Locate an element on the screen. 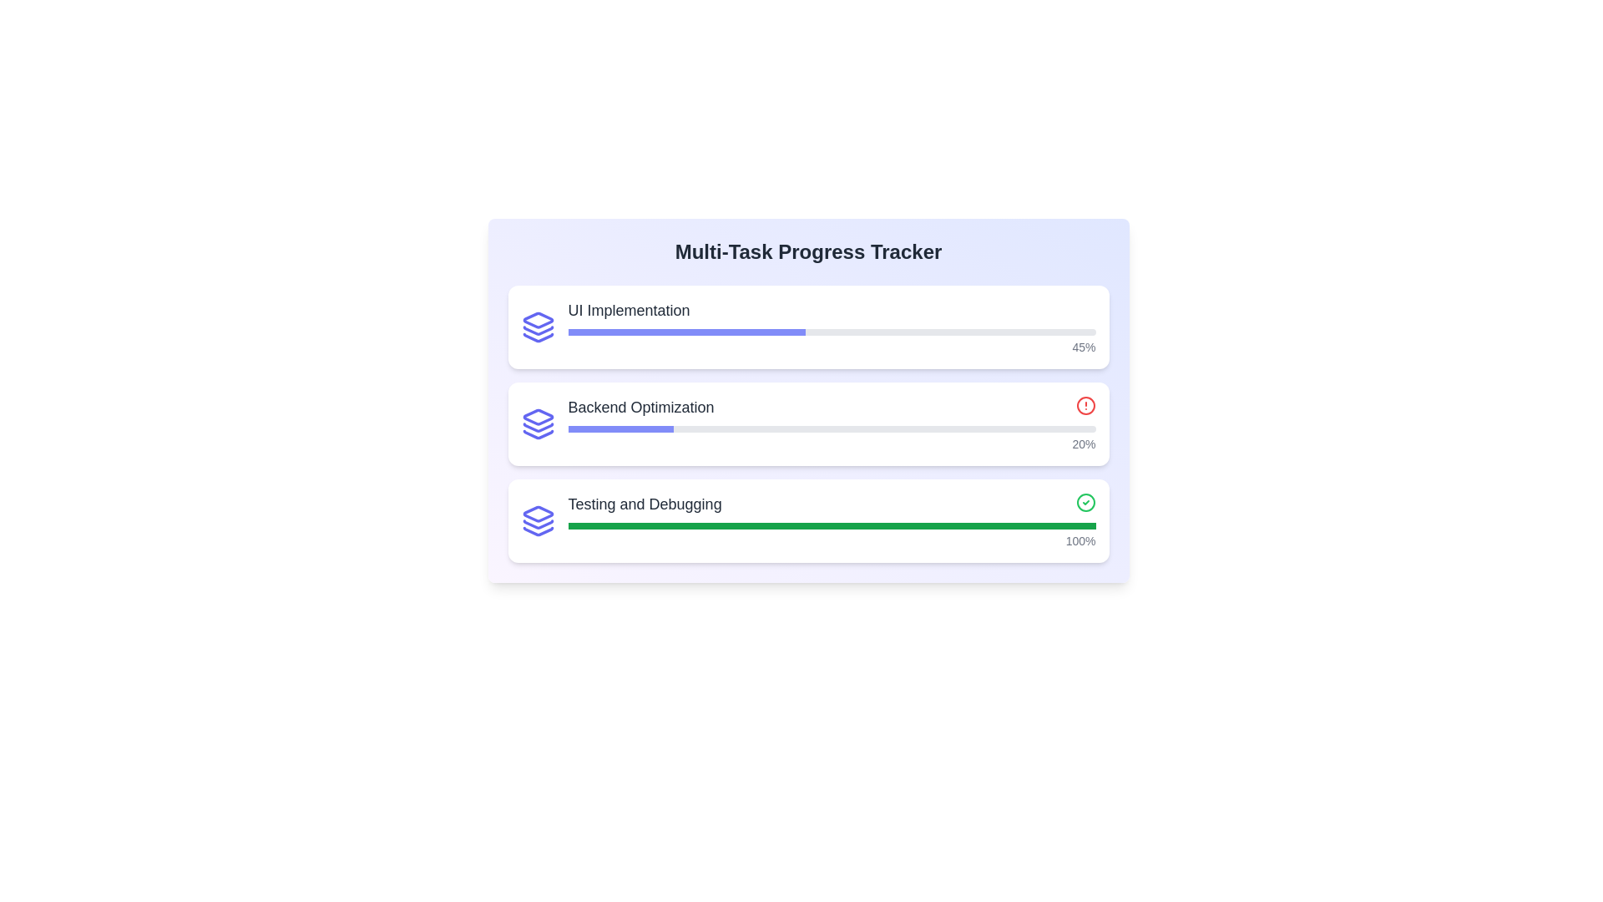  the indigo progress indicator bar representing the progress of the task titled 'Backend Optimization.' is located at coordinates (619, 428).